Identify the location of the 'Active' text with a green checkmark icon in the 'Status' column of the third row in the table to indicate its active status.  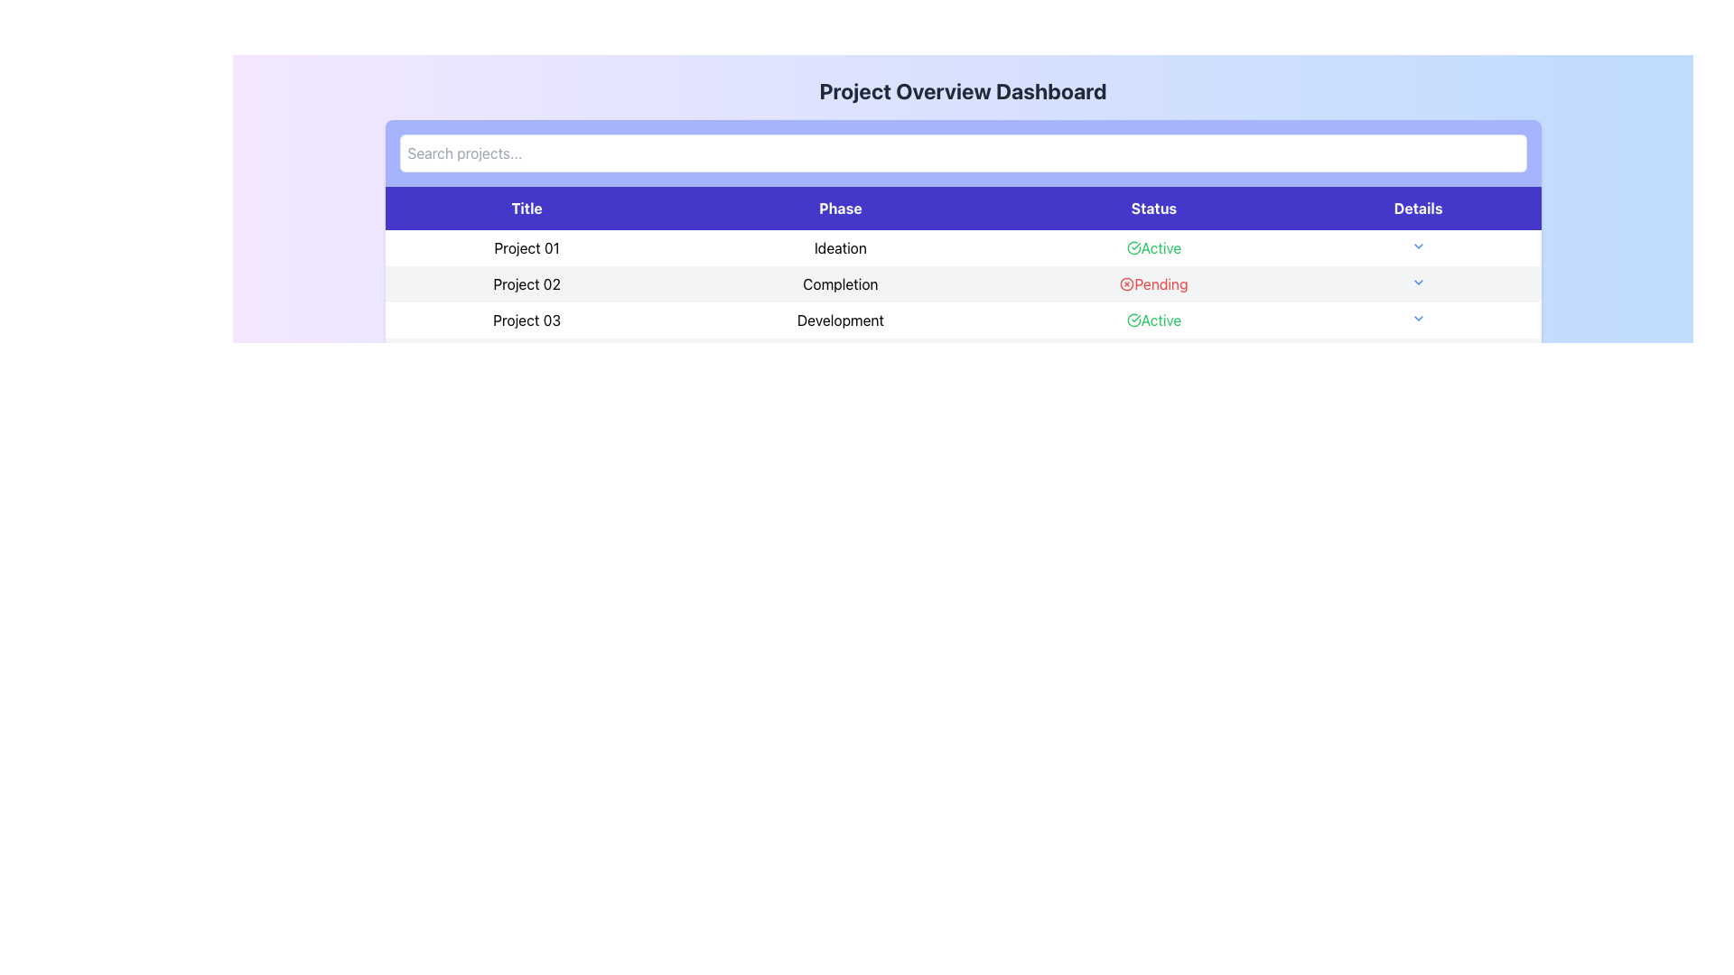
(1152, 319).